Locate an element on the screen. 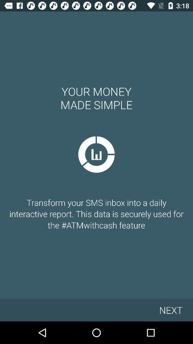 This screenshot has width=193, height=344. the icon below transform your sms icon is located at coordinates (170, 310).